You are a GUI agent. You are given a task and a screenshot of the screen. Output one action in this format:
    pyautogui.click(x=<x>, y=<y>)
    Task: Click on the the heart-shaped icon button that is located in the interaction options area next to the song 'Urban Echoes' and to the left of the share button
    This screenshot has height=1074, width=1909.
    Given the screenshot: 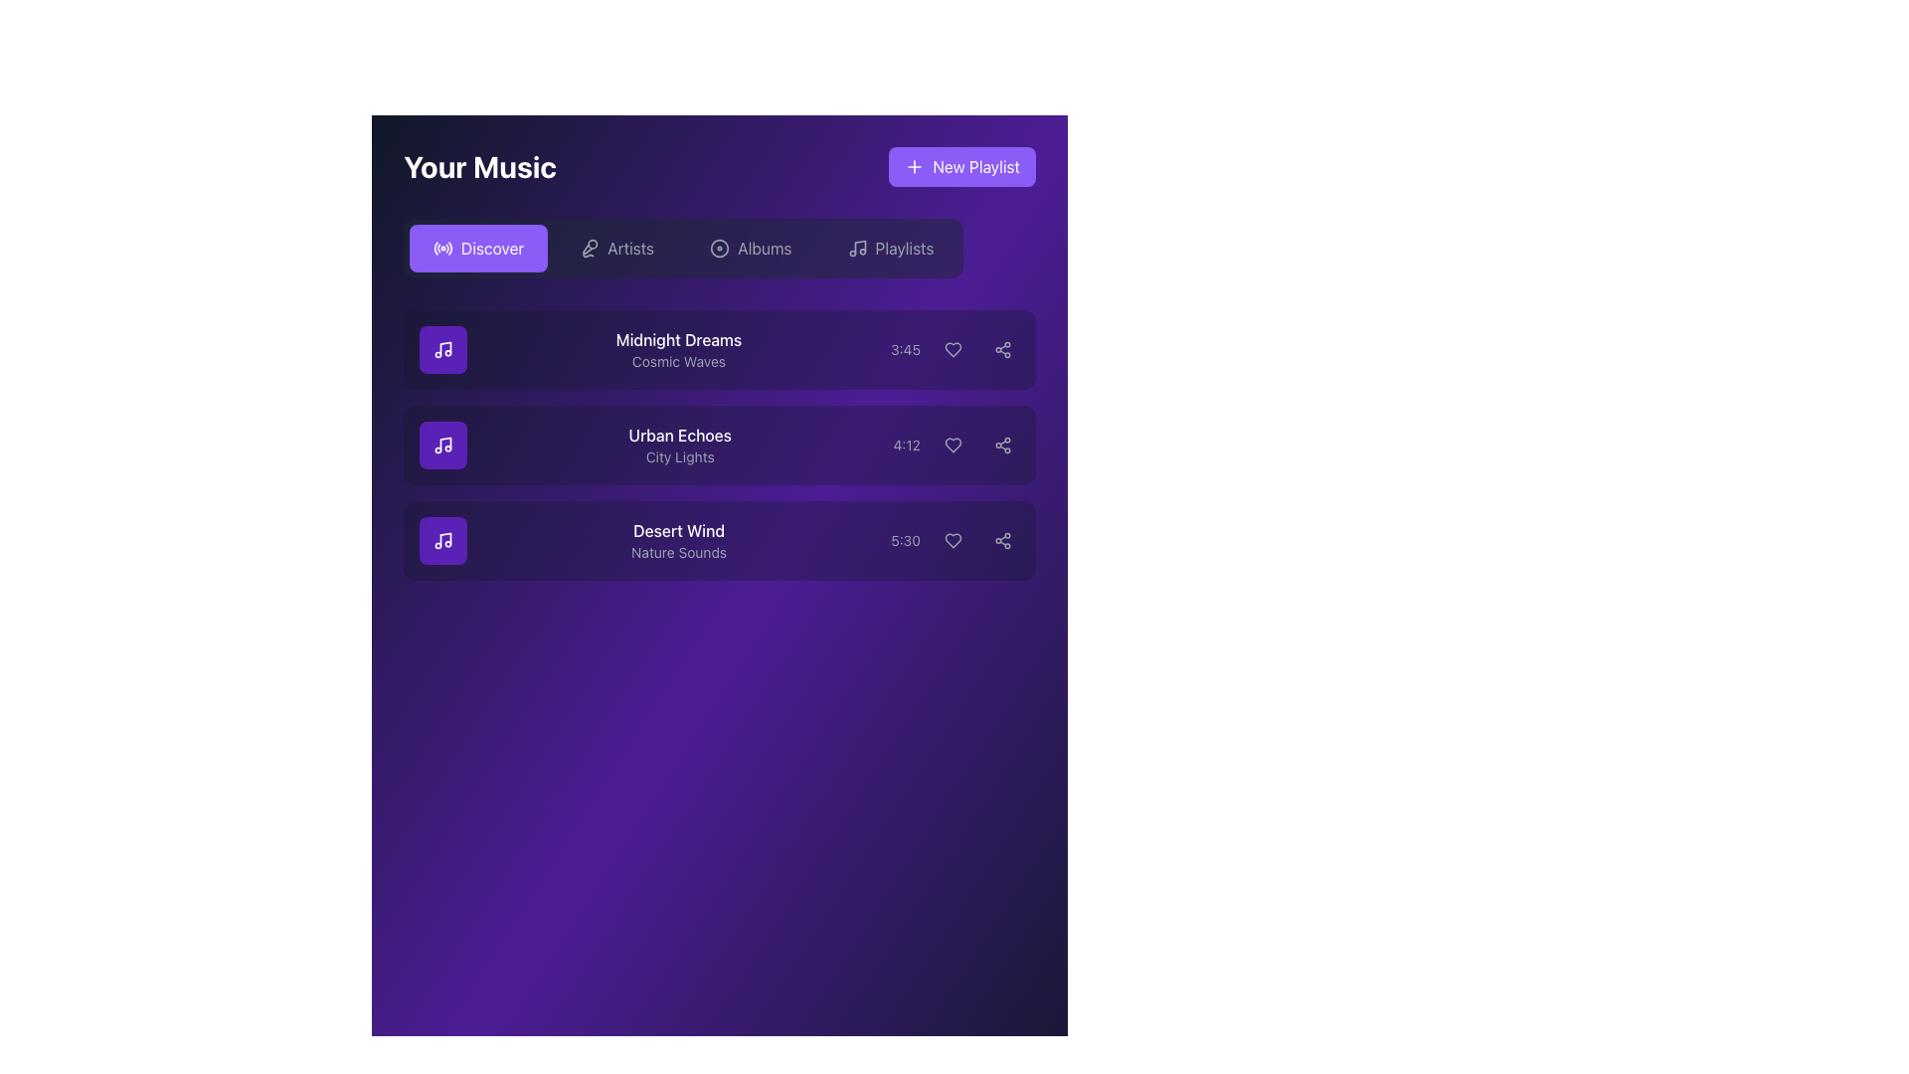 What is the action you would take?
    pyautogui.click(x=953, y=444)
    